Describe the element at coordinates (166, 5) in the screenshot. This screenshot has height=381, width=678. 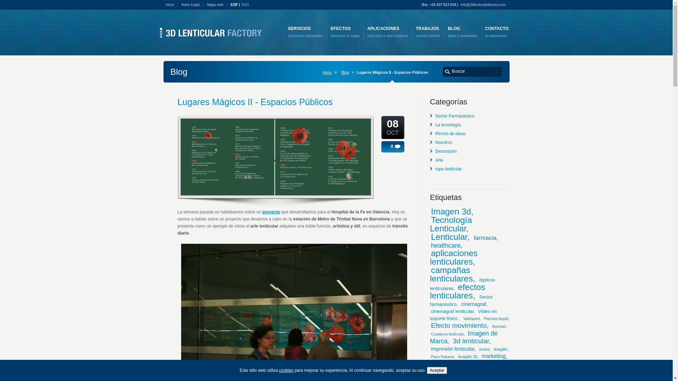
I see `'Inicio'` at that location.